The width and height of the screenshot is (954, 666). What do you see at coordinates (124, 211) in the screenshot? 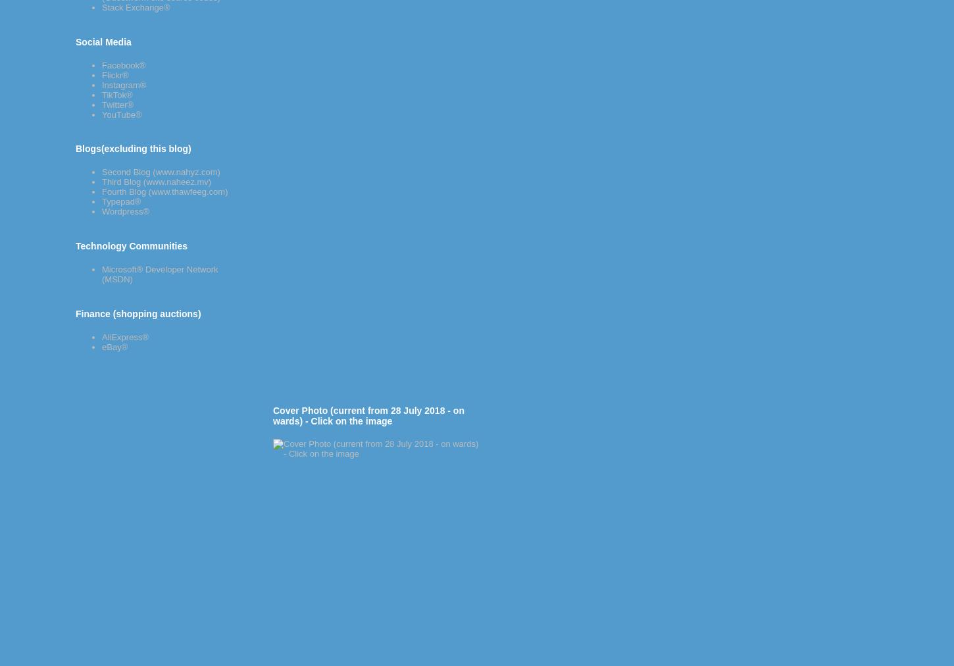
I see `'Wordpress®'` at bounding box center [124, 211].